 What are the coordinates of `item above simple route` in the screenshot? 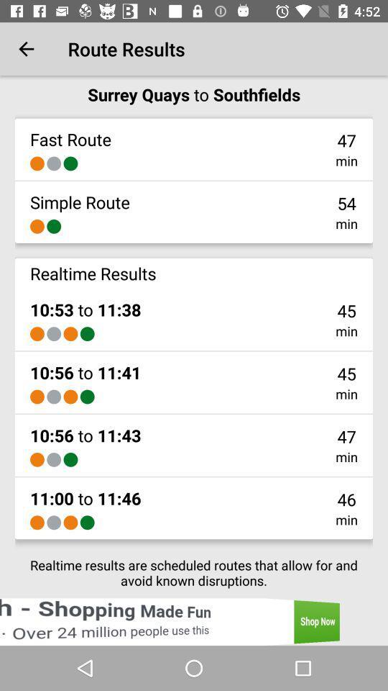 It's located at (37, 163).